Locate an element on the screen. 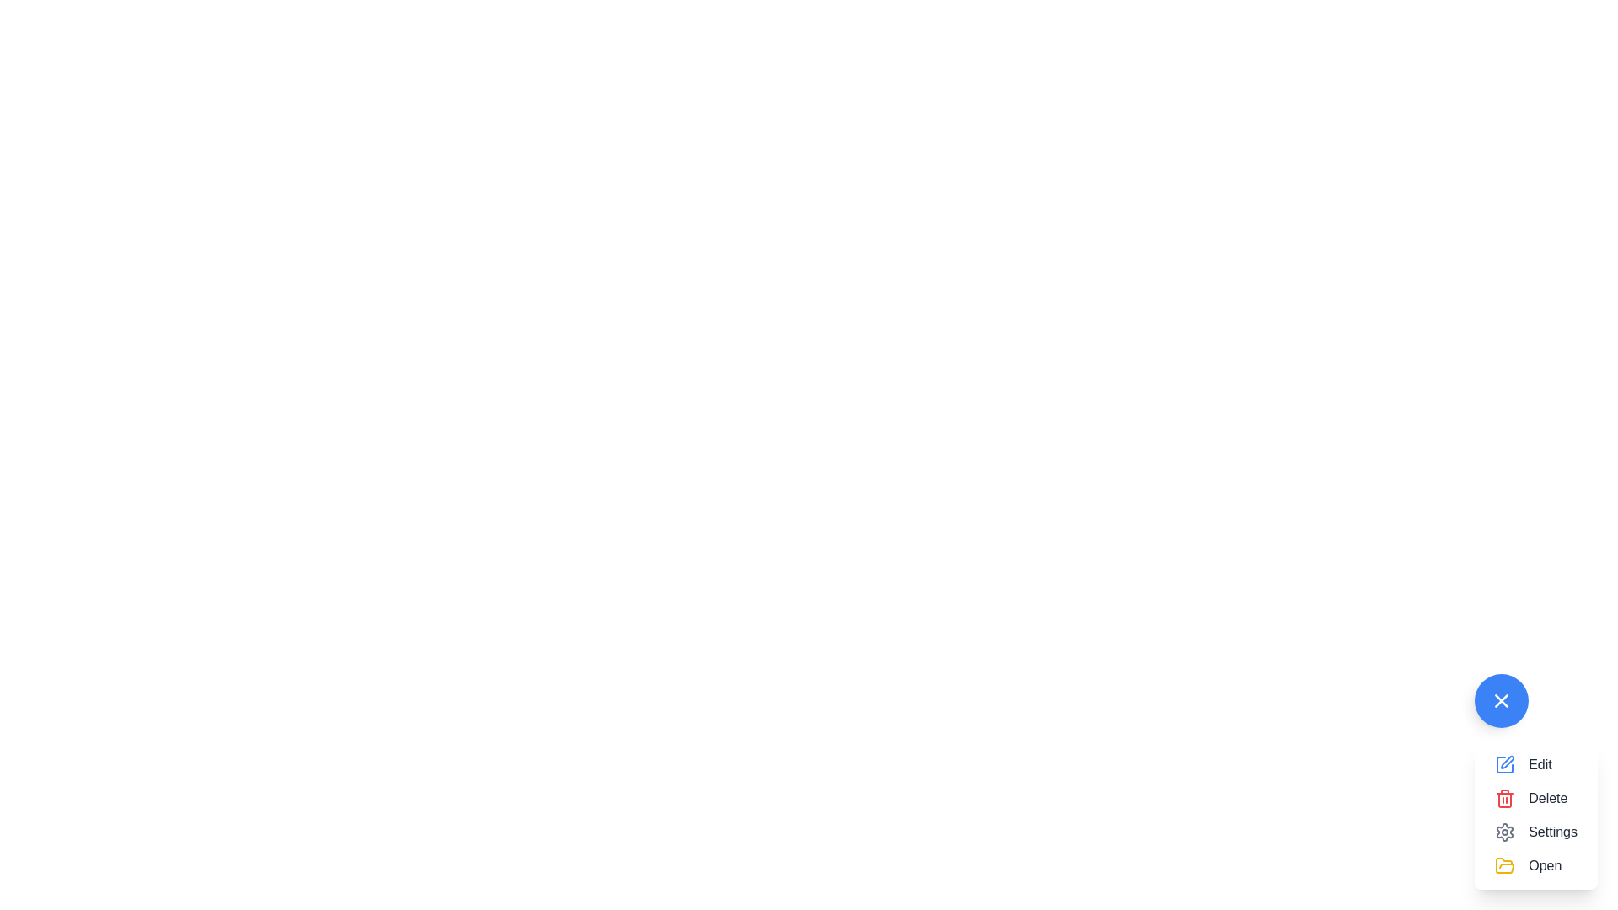  the interactive button with text and icon located as the last item in the vertical list, directly below the 'Settings' option is located at coordinates (1536, 866).